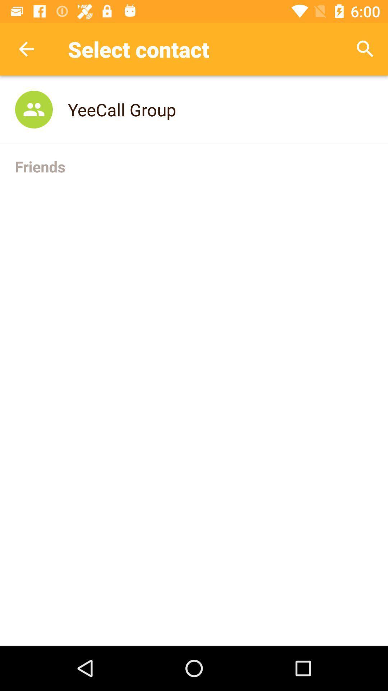  What do you see at coordinates (365, 49) in the screenshot?
I see `the item next to select contact item` at bounding box center [365, 49].